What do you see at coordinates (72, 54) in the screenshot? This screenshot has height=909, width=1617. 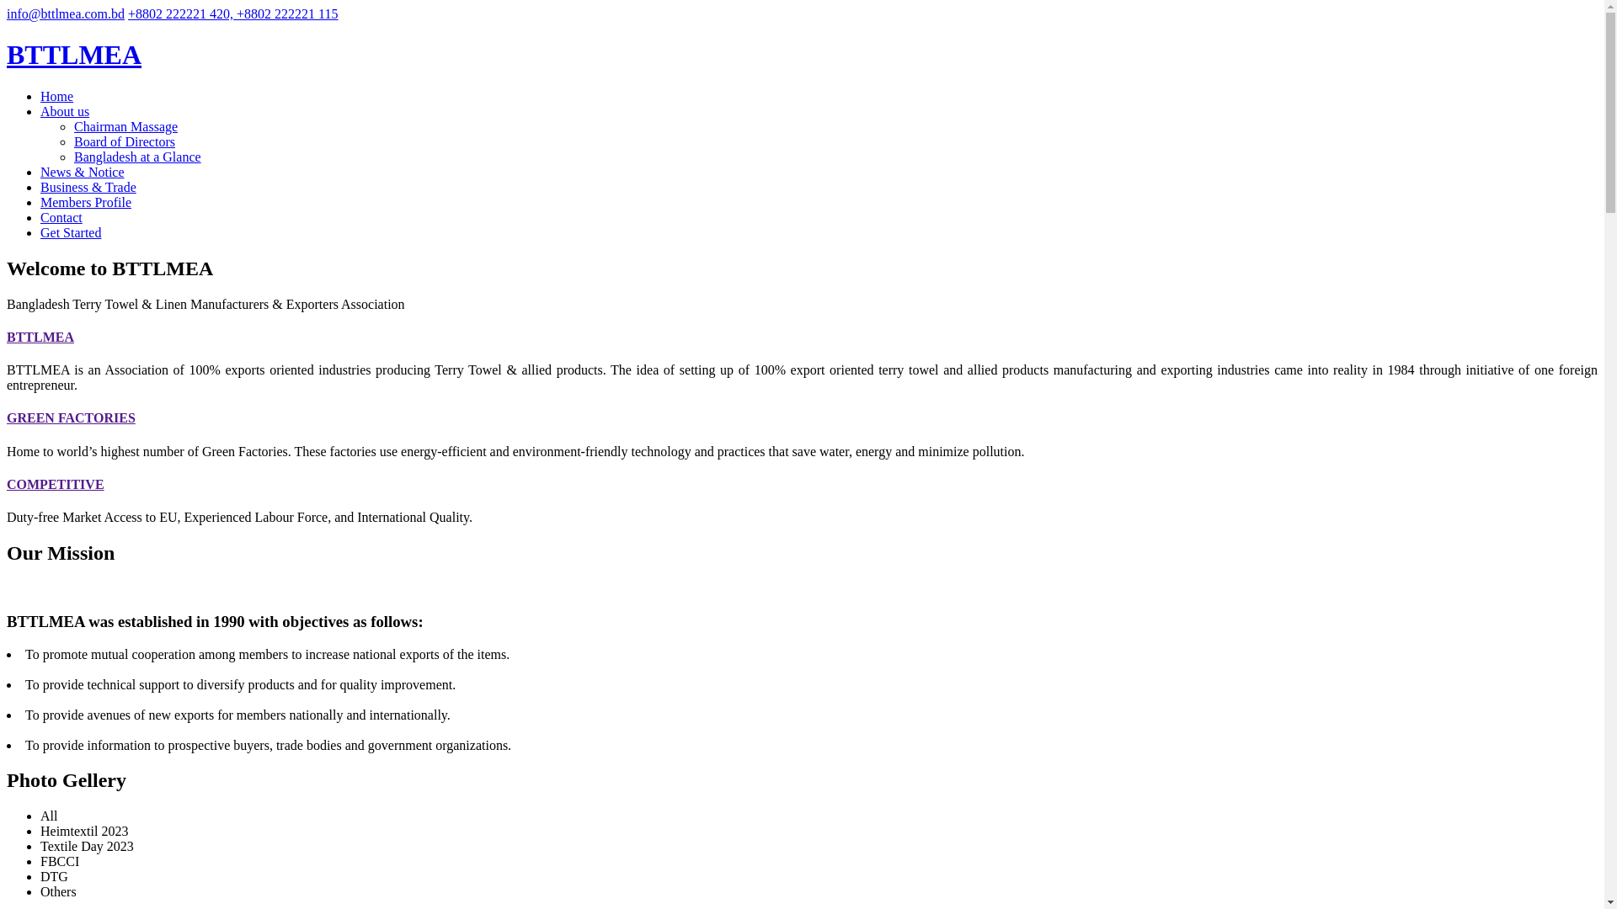 I see `'BTTLMEA'` at bounding box center [72, 54].